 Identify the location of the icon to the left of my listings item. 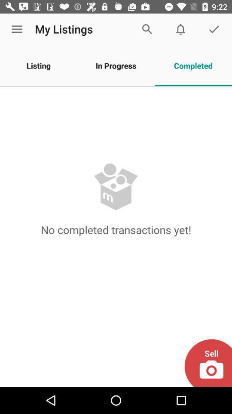
(17, 29).